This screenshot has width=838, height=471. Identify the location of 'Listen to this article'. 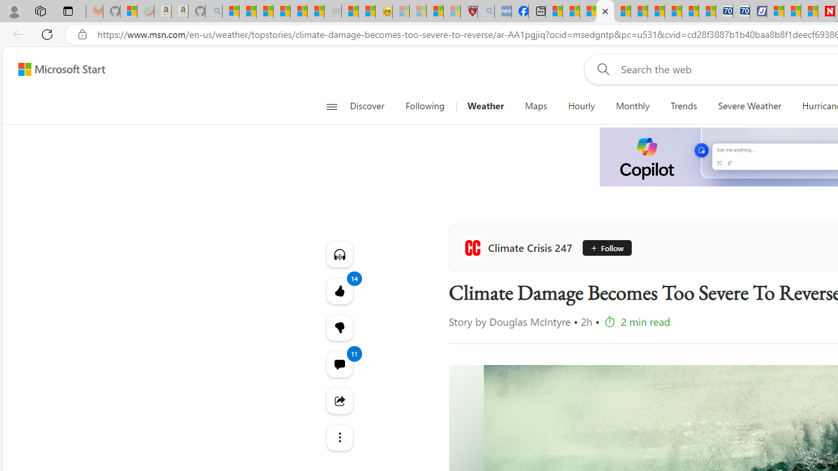
(339, 254).